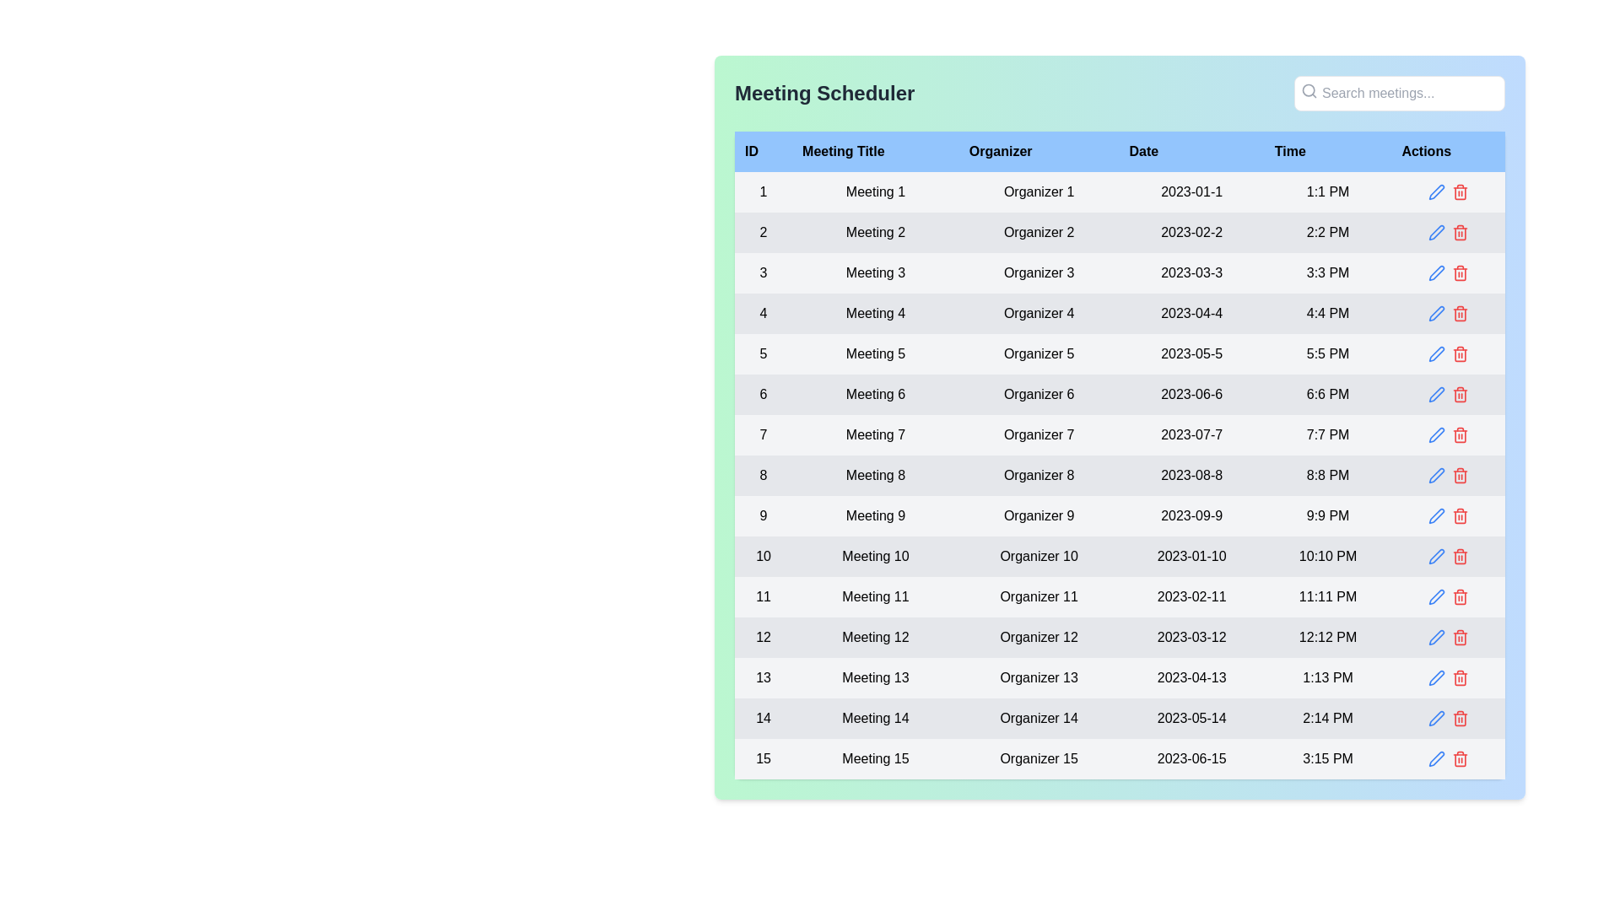 The height and width of the screenshot is (911, 1620). I want to click on the text display element that shows the date '2023-09-9', located in the fourth column of the ninth row of the meeting details table, so click(1191, 515).